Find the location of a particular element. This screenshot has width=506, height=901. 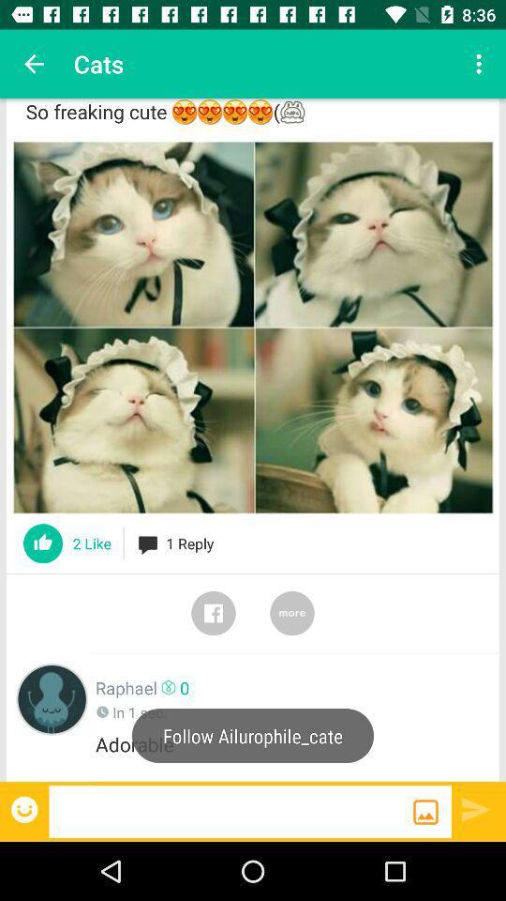

see the pictures is located at coordinates (253, 328).